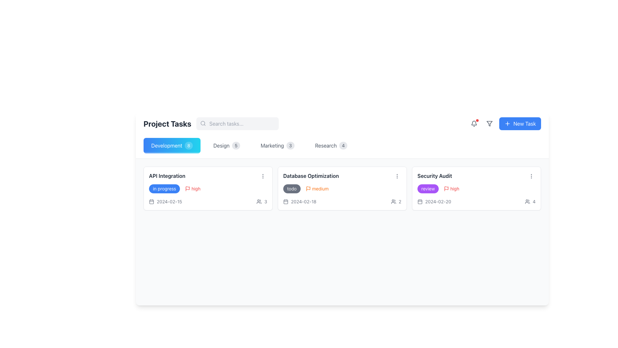 This screenshot has width=618, height=348. I want to click on the notification bell icon, which is a light gray bell-shaped icon located in the top-right corner of the interface, so click(474, 124).